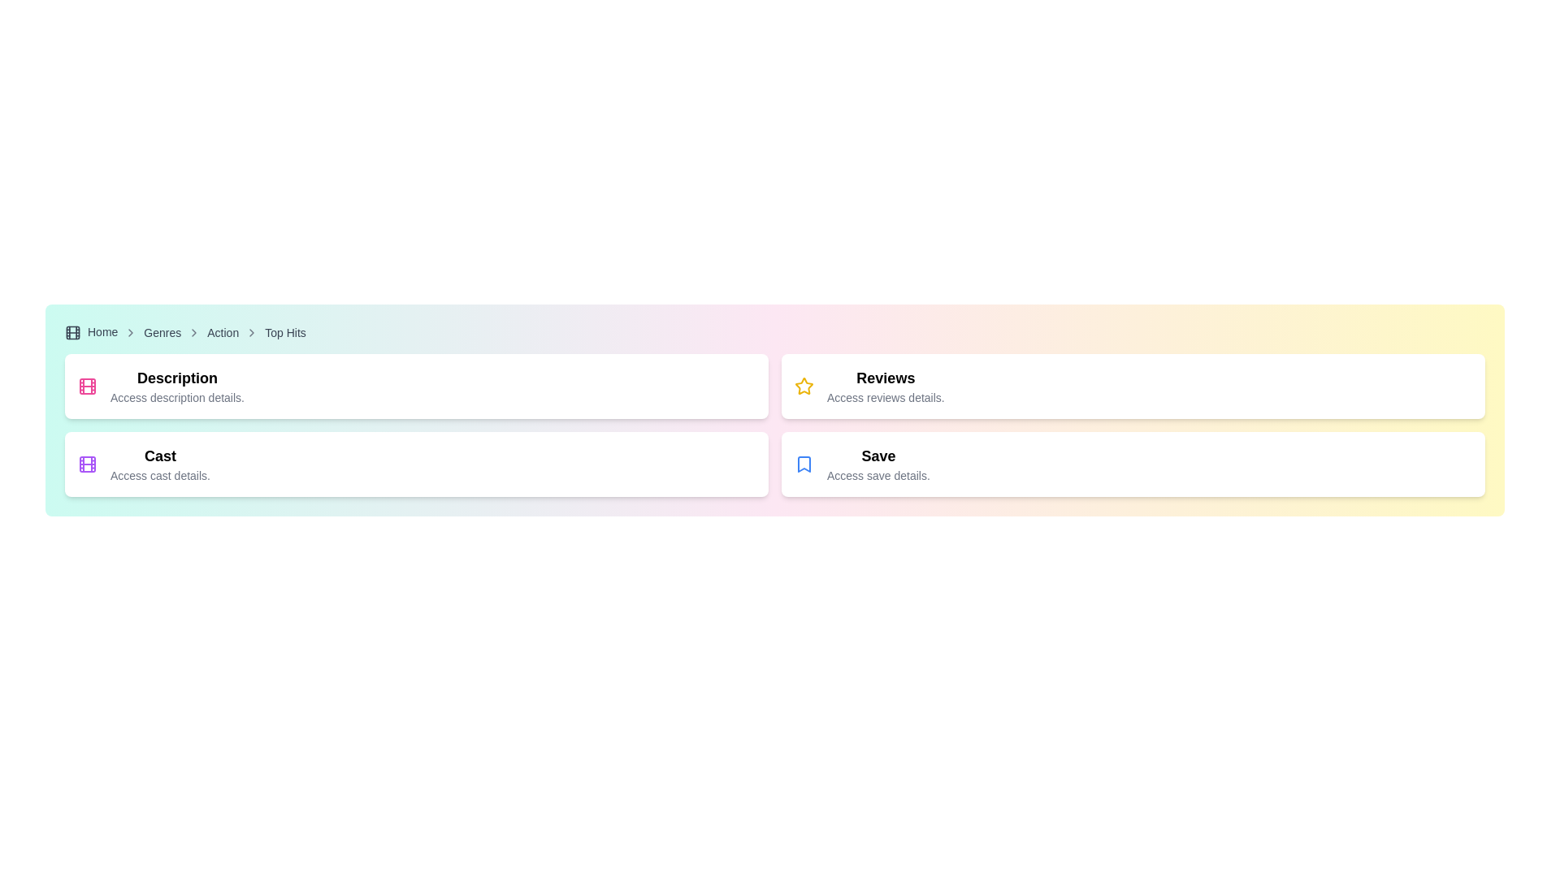 The height and width of the screenshot is (877, 1560). What do you see at coordinates (1133, 464) in the screenshot?
I see `the card located` at bounding box center [1133, 464].